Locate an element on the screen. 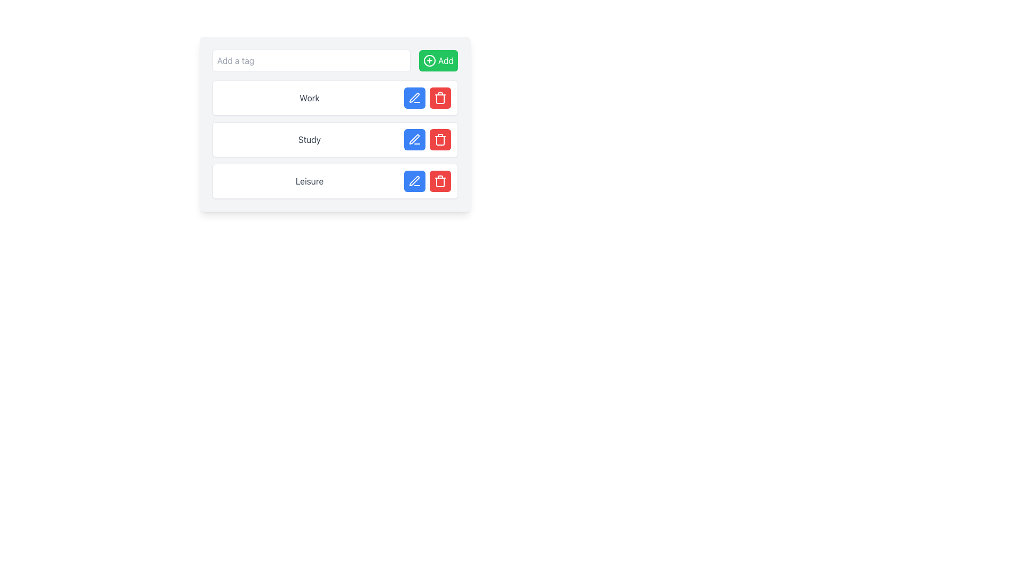 This screenshot has width=1025, height=576. the second blue button with a white pen icon located in the 'Study' section is located at coordinates (414, 139).